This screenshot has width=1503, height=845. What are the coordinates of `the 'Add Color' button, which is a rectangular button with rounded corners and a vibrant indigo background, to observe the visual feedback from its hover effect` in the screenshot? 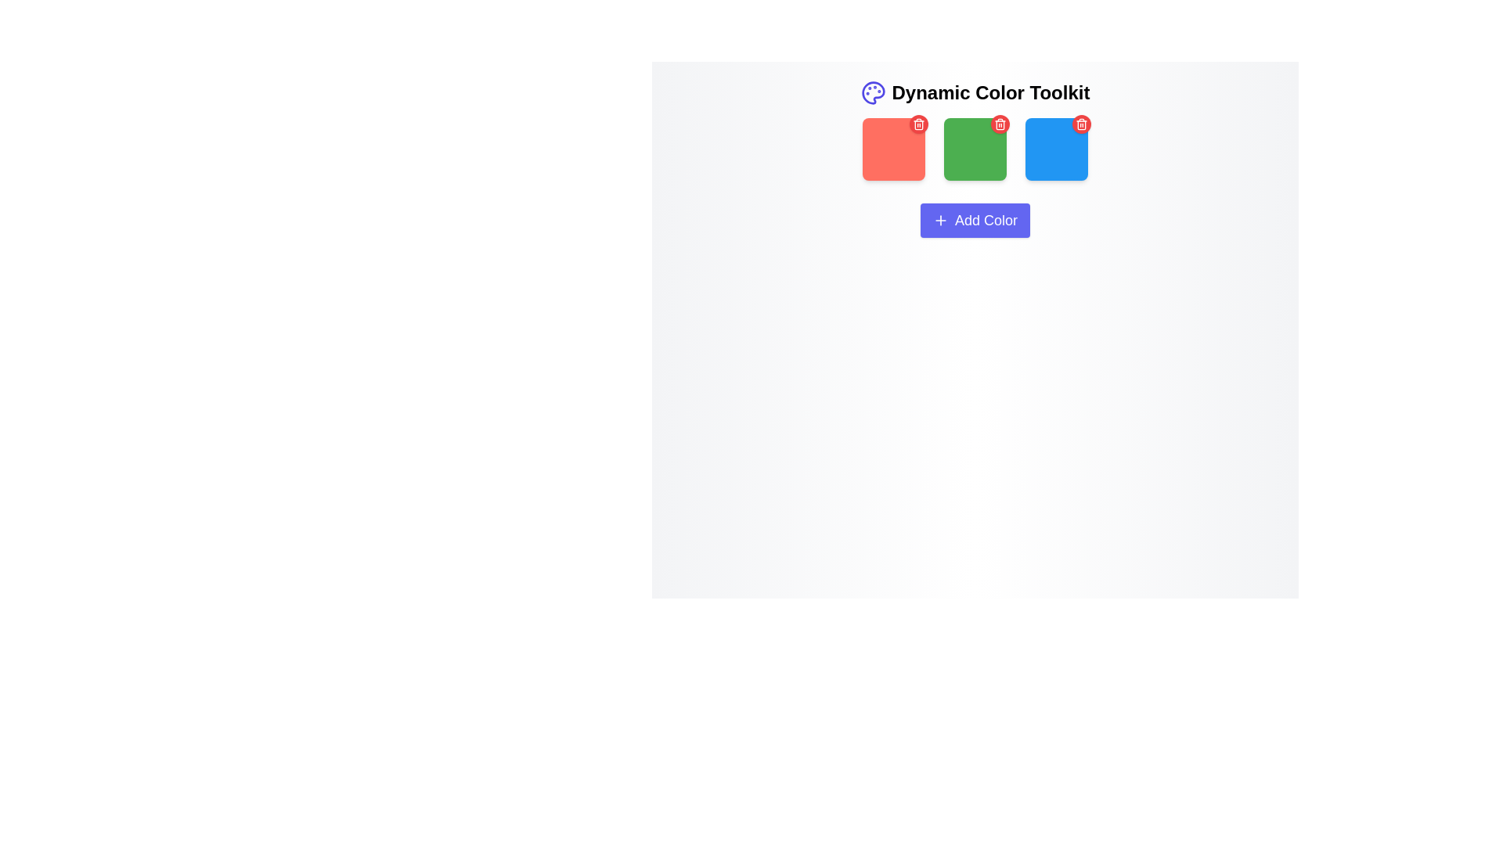 It's located at (975, 220).